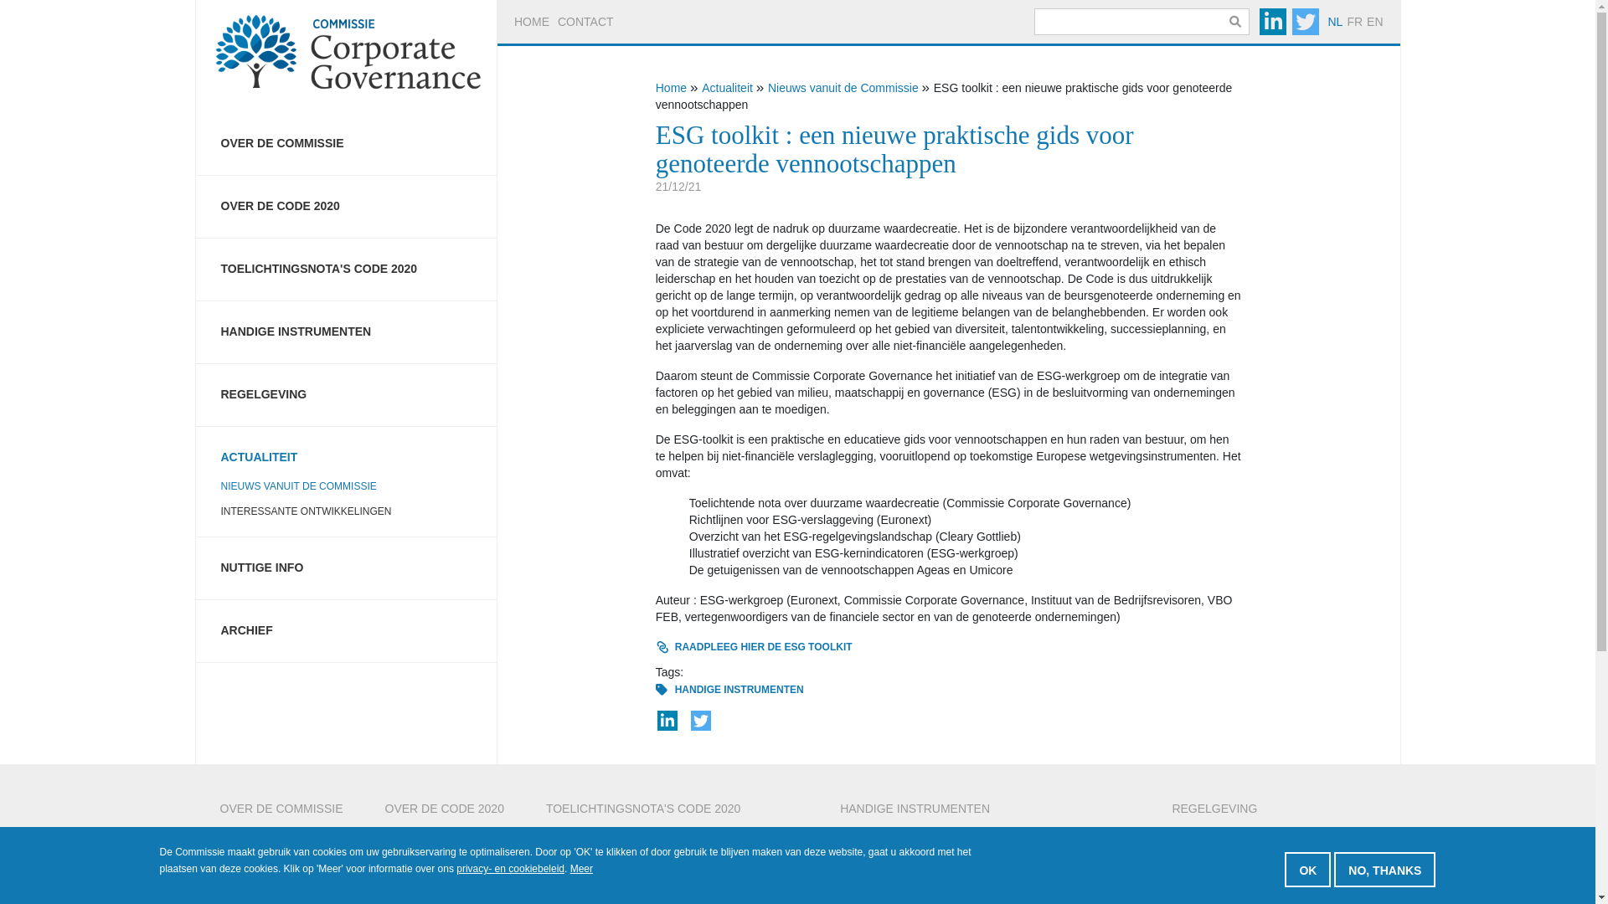 This screenshot has width=1608, height=904. What do you see at coordinates (739, 690) in the screenshot?
I see `'HANDIGE INSTRUMENTEN'` at bounding box center [739, 690].